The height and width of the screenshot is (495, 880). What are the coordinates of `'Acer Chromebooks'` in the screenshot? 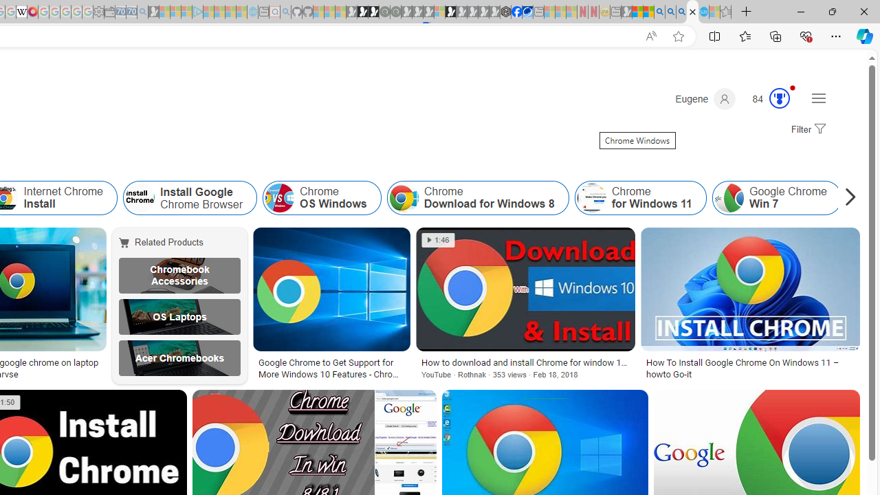 It's located at (179, 357).